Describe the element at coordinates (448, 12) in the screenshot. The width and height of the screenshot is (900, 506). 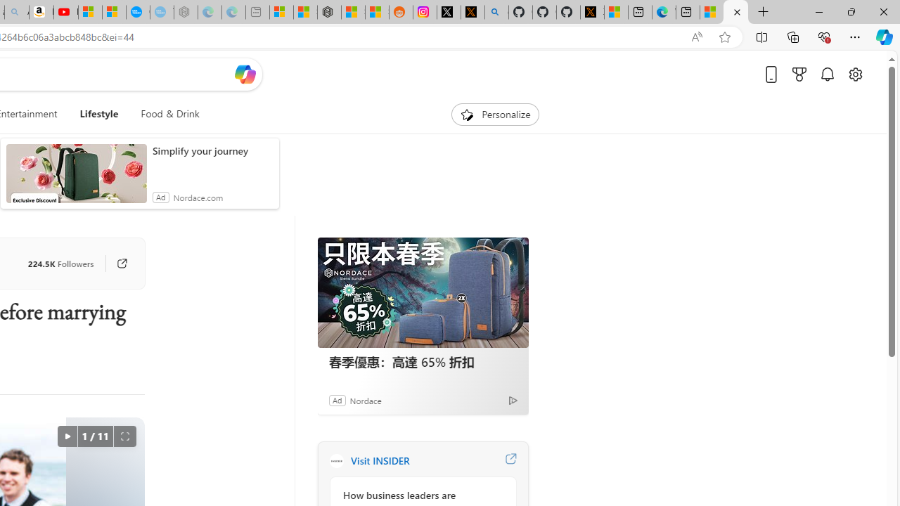
I see `'Log in to X / X'` at that location.